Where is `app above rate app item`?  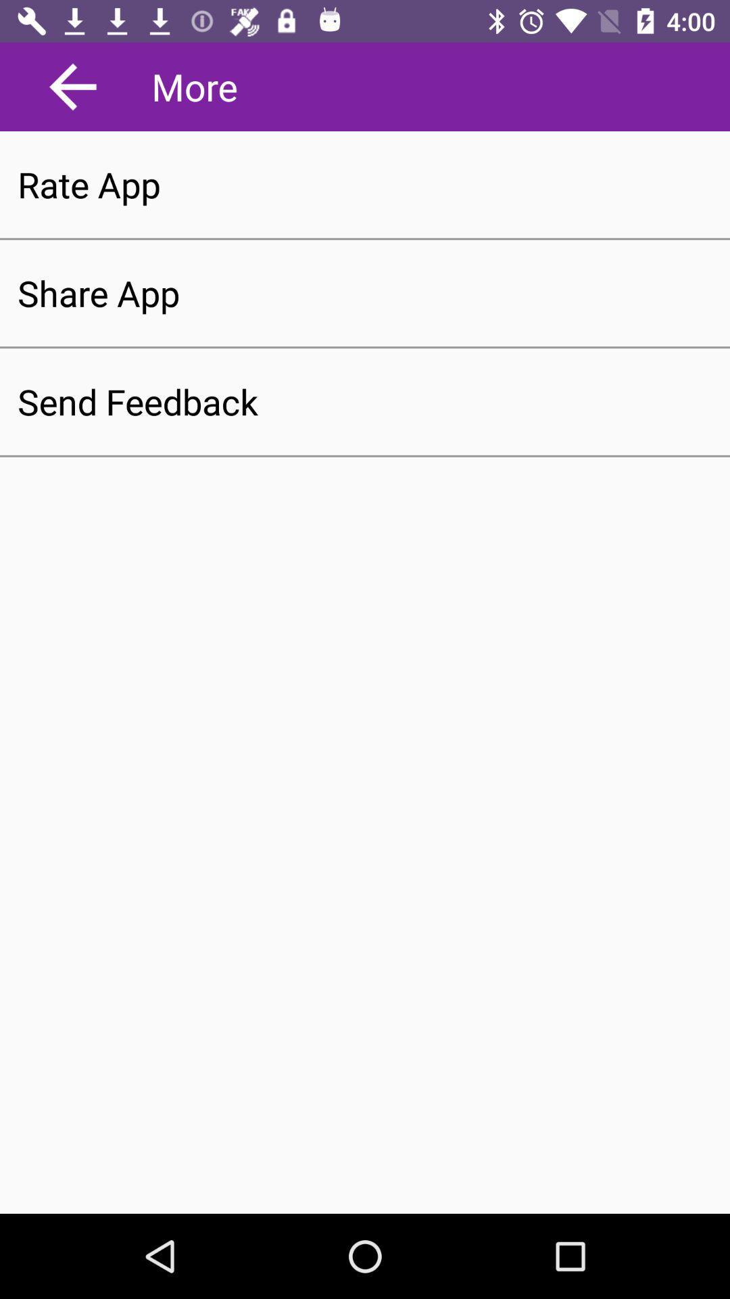 app above rate app item is located at coordinates (73, 86).